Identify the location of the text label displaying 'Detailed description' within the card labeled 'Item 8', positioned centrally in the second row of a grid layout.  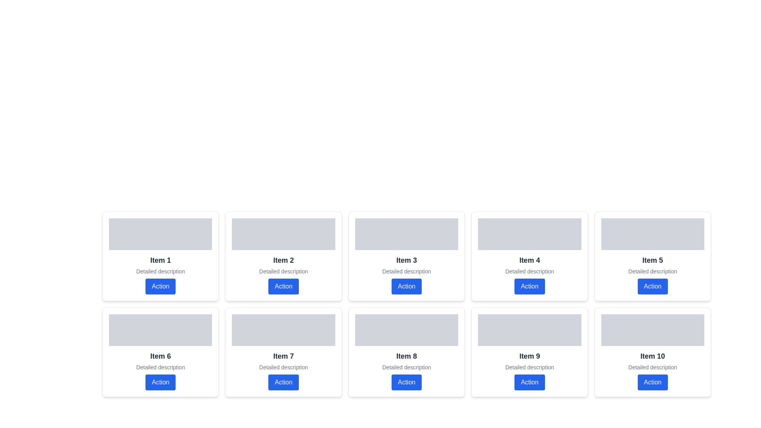
(407, 367).